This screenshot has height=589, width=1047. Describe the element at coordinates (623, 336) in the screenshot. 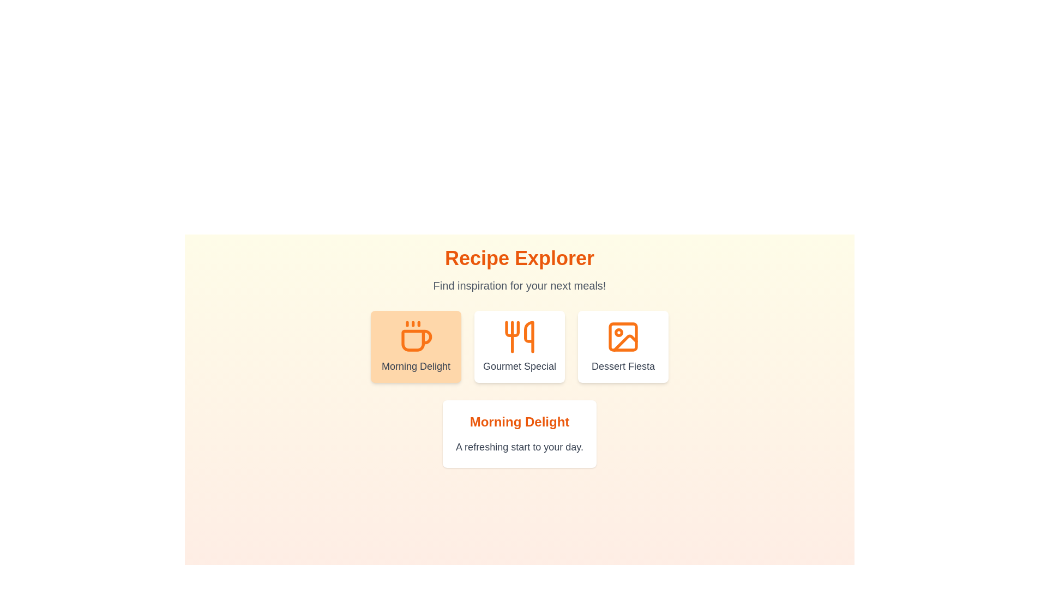

I see `the 'Dessert Fiesta' icon located at the top-left corner of its card` at that location.